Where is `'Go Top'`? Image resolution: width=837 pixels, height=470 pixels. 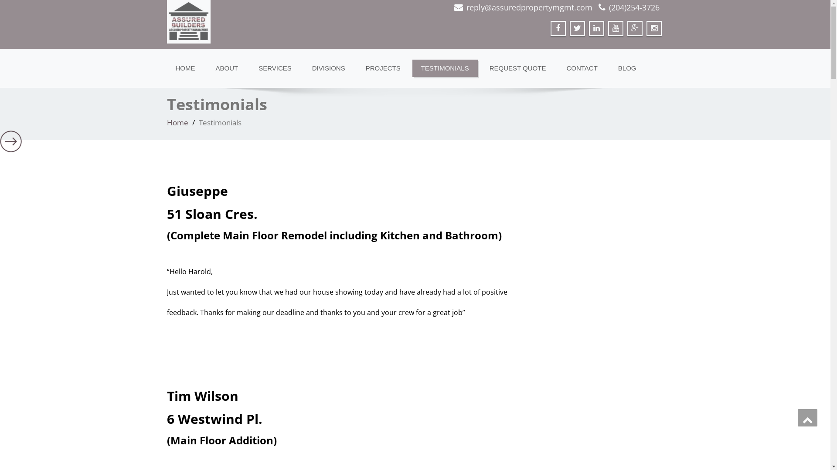 'Go Top' is located at coordinates (807, 417).